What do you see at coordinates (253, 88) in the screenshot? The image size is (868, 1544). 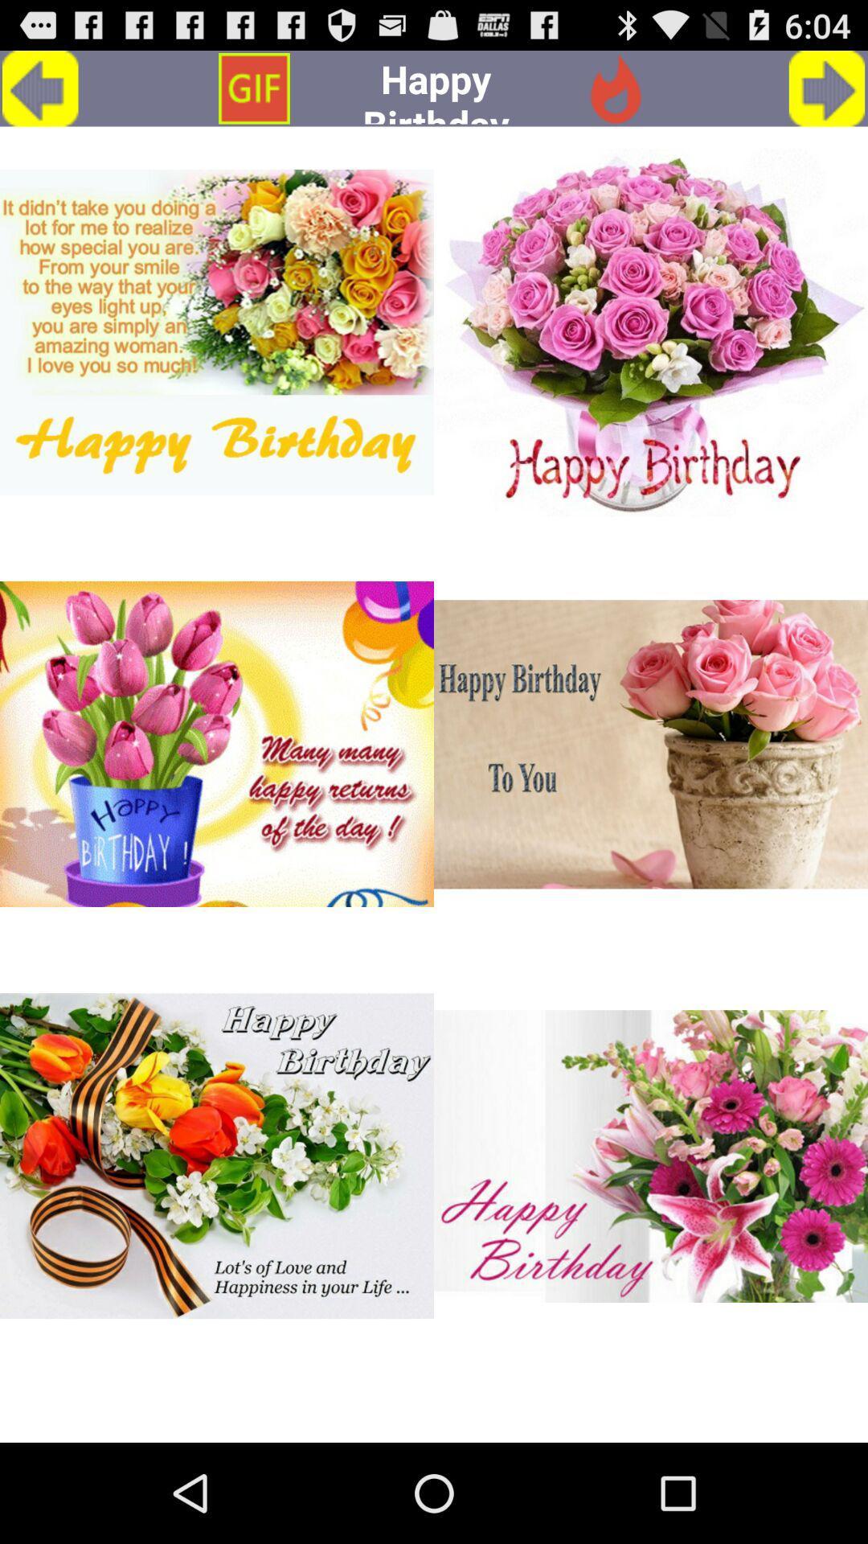 I see `app next to the happy birthday app` at bounding box center [253, 88].